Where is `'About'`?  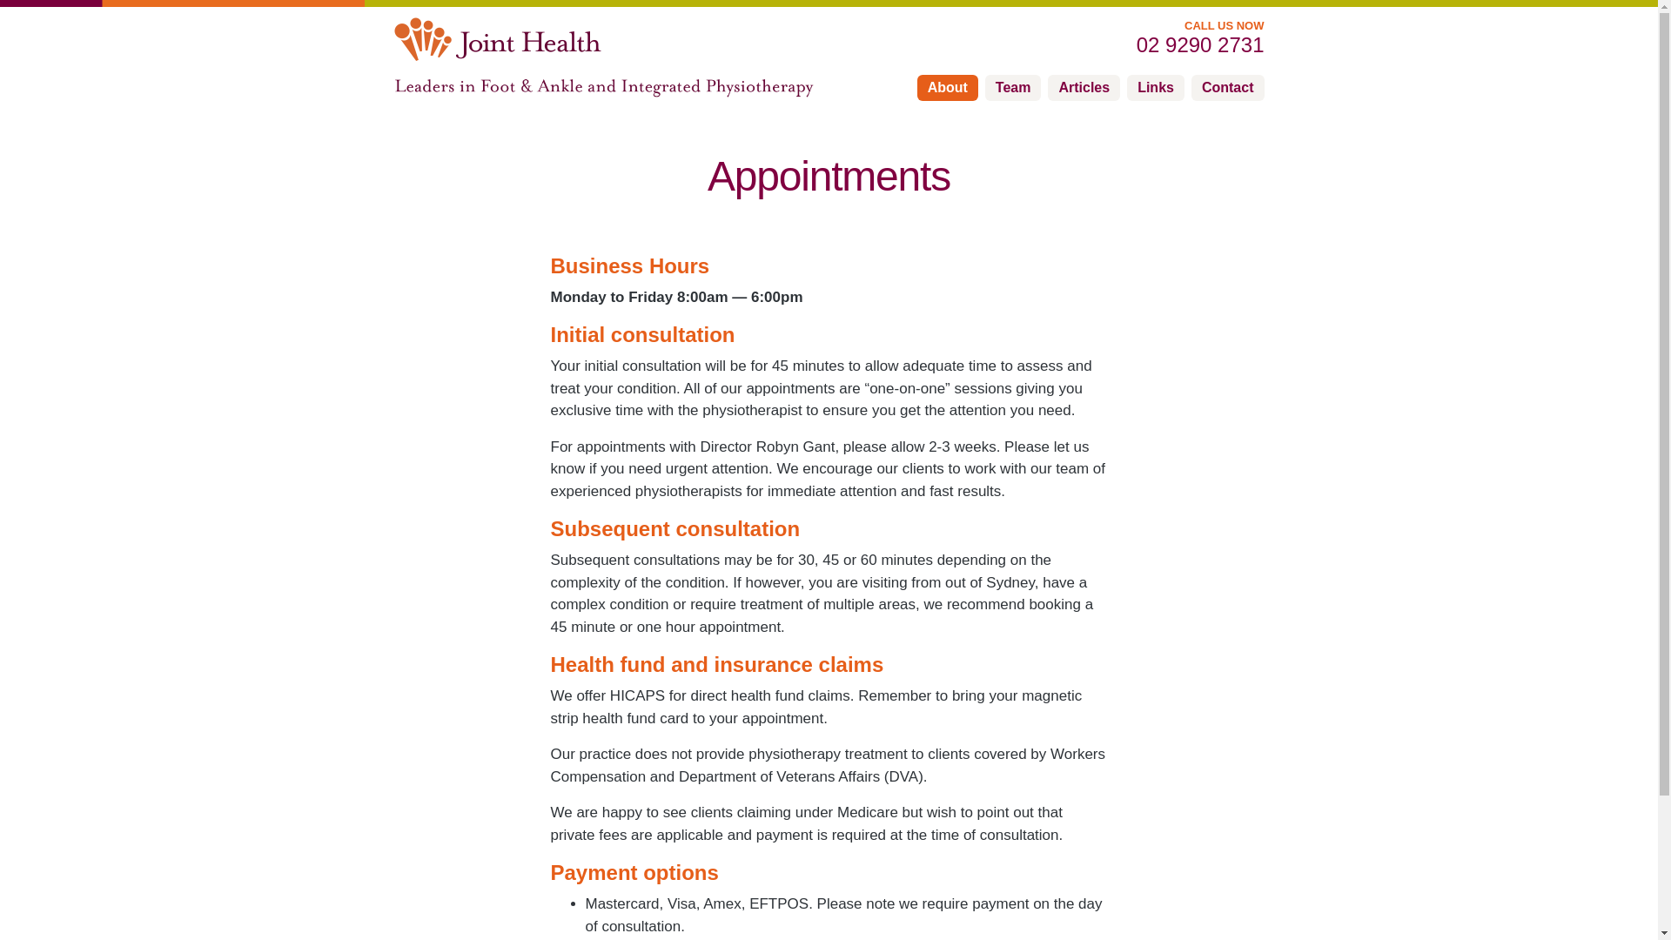
'About' is located at coordinates (916, 87).